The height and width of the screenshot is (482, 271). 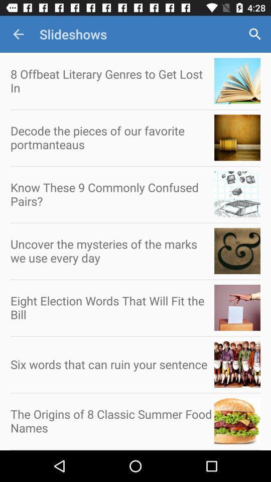 I want to click on the icon above the 8 offbeat literary icon, so click(x=18, y=34).